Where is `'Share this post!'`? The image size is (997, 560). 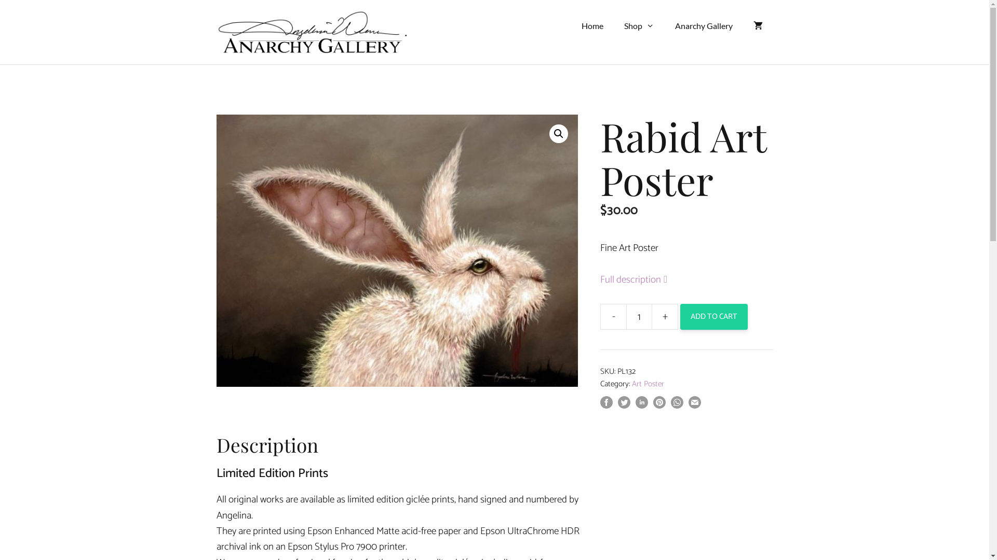
'Share this post!' is located at coordinates (606, 405).